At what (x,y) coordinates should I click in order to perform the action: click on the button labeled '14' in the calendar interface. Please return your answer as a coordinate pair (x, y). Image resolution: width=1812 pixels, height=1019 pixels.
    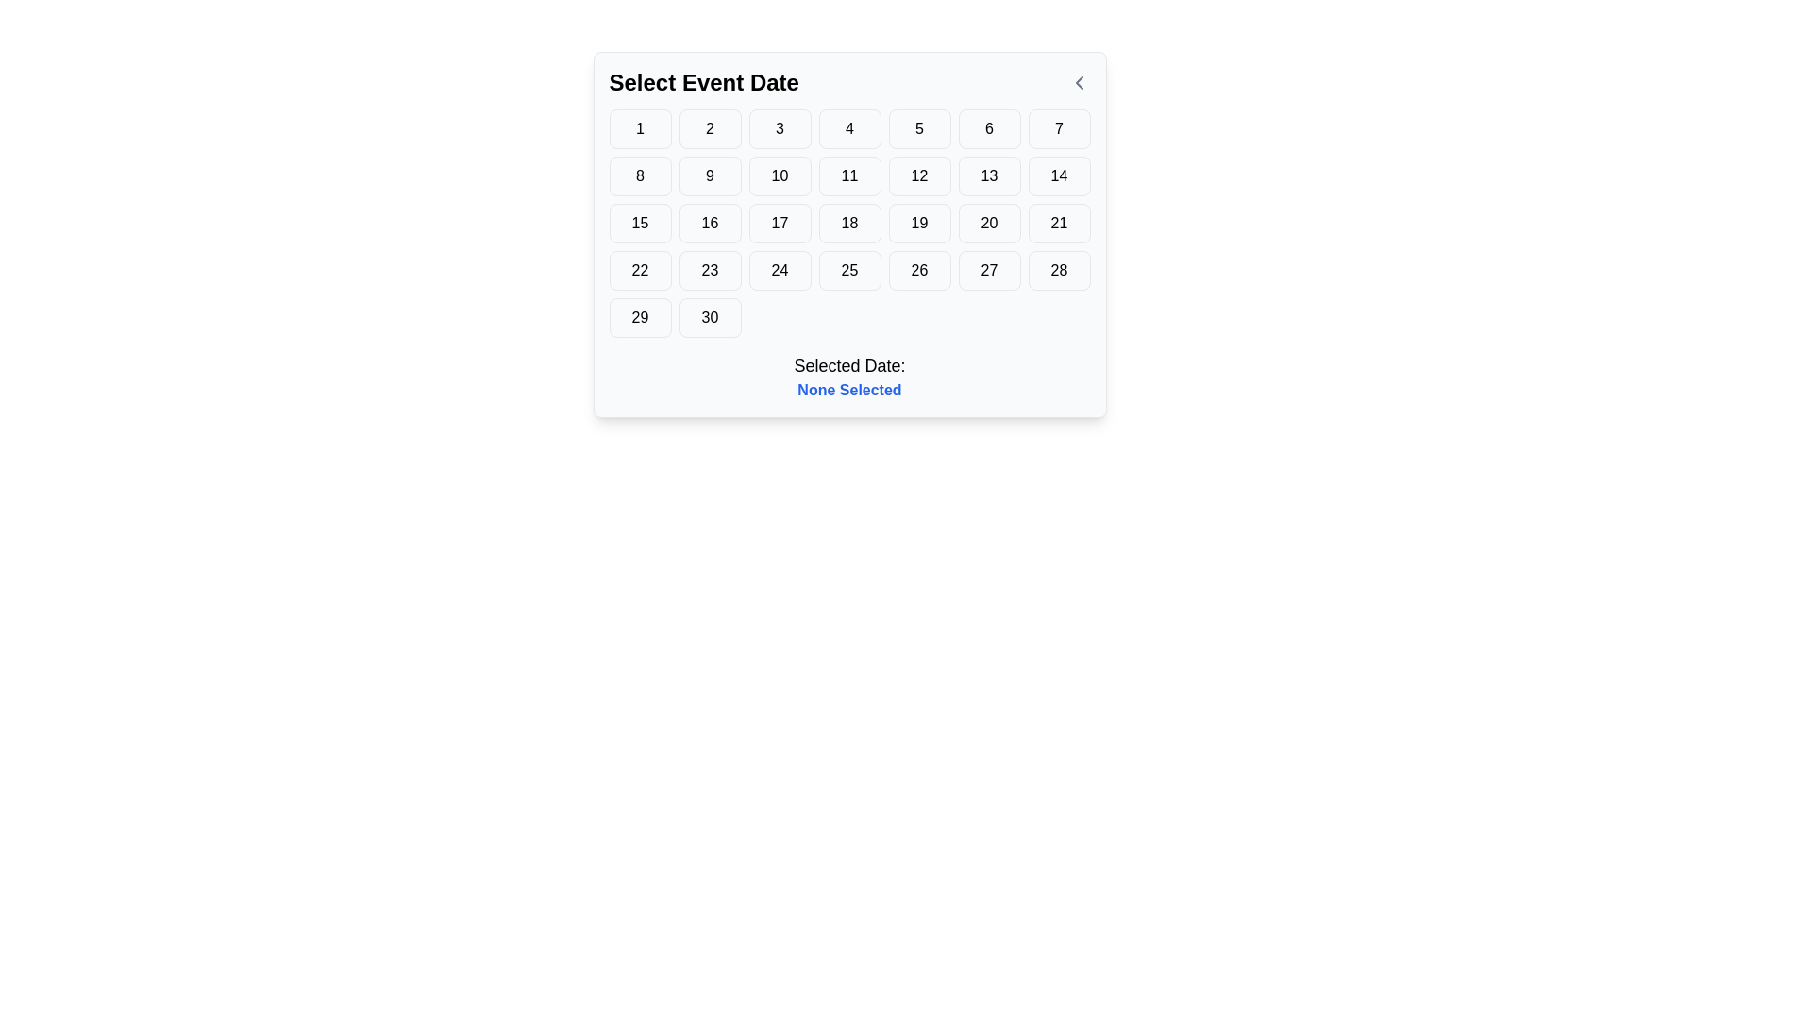
    Looking at the image, I should click on (1059, 175).